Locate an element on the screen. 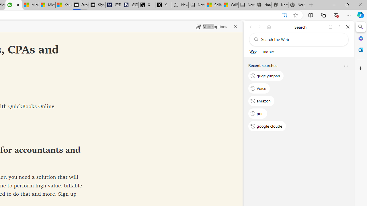 The image size is (367, 206). 'Nordace - Siena Pro 15 Essential Set' is located at coordinates (296, 5).